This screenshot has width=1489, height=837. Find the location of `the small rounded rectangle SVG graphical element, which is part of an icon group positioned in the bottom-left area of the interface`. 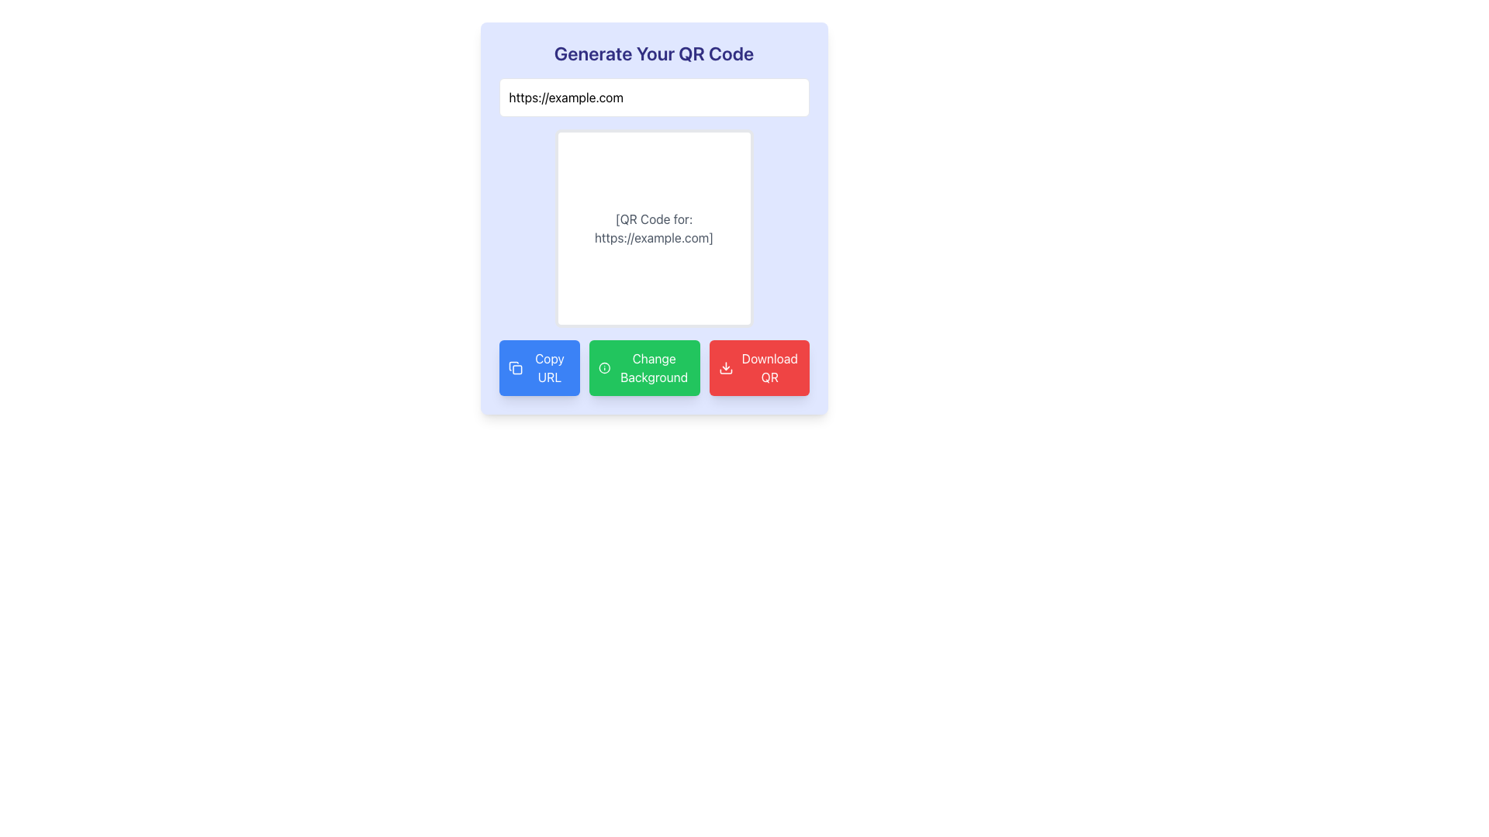

the small rounded rectangle SVG graphical element, which is part of an icon group positioned in the bottom-left area of the interface is located at coordinates (516, 370).